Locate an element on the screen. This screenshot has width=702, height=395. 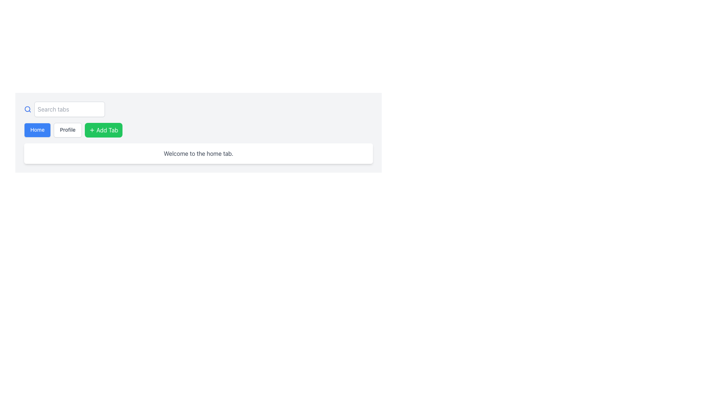
the circular blue magnifying glass icon located at the top left corner of the interface, before the 'Search tabs' text input field is located at coordinates (28, 109).